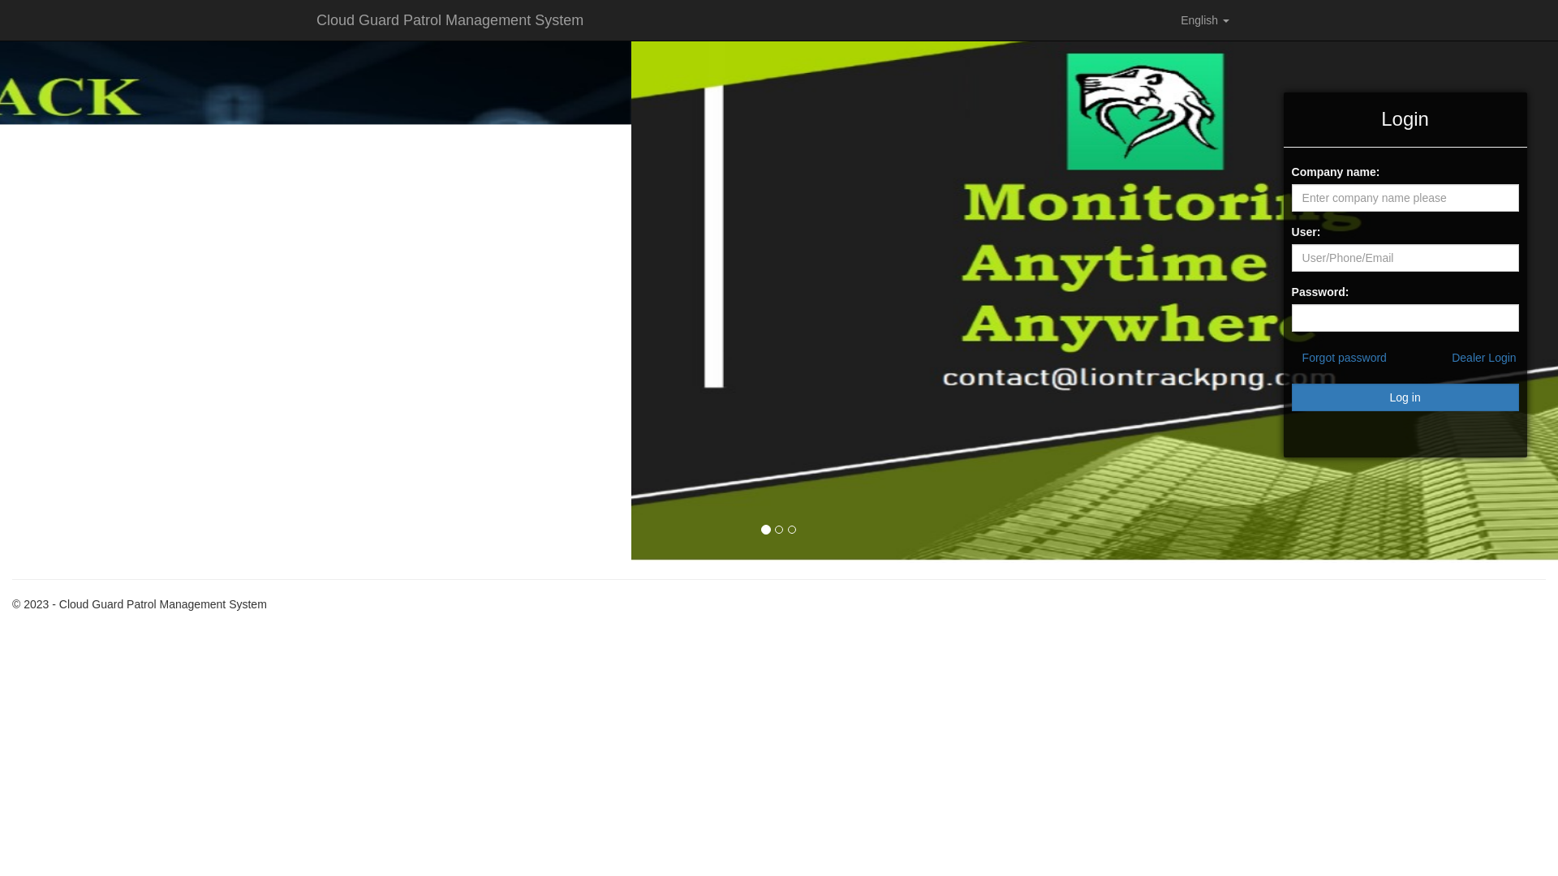 Image resolution: width=1558 pixels, height=876 pixels. What do you see at coordinates (1483, 356) in the screenshot?
I see `'Dealer Login'` at bounding box center [1483, 356].